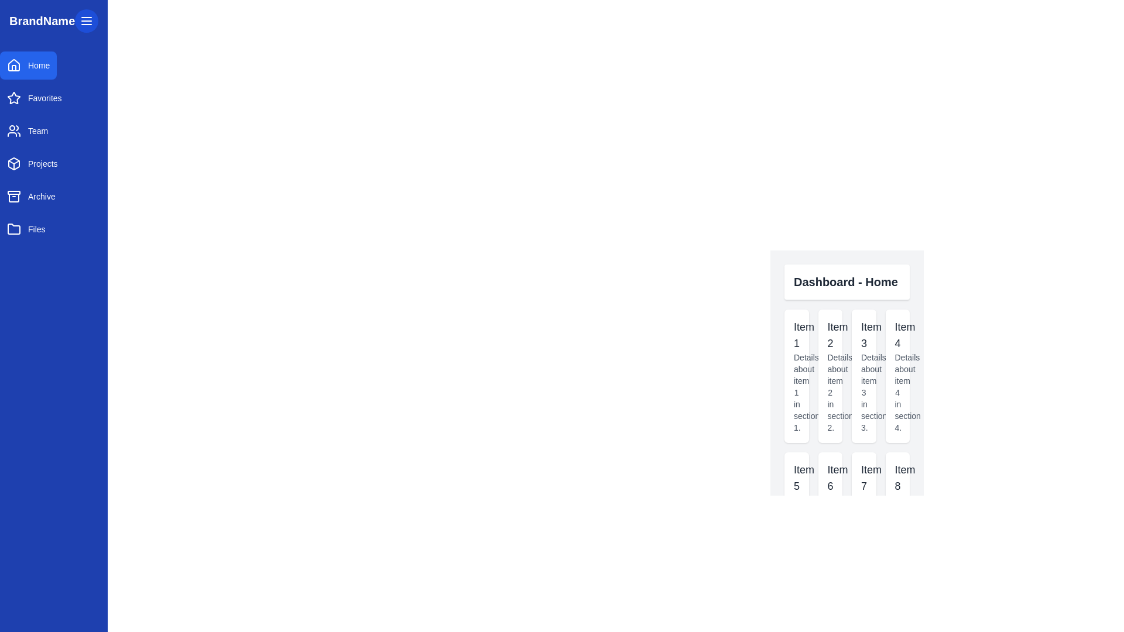 This screenshot has width=1124, height=632. What do you see at coordinates (14, 197) in the screenshot?
I see `the main body of the archive icon located in the vertical navigation menu, positioned between the 'Projects' and 'Files' icons` at bounding box center [14, 197].